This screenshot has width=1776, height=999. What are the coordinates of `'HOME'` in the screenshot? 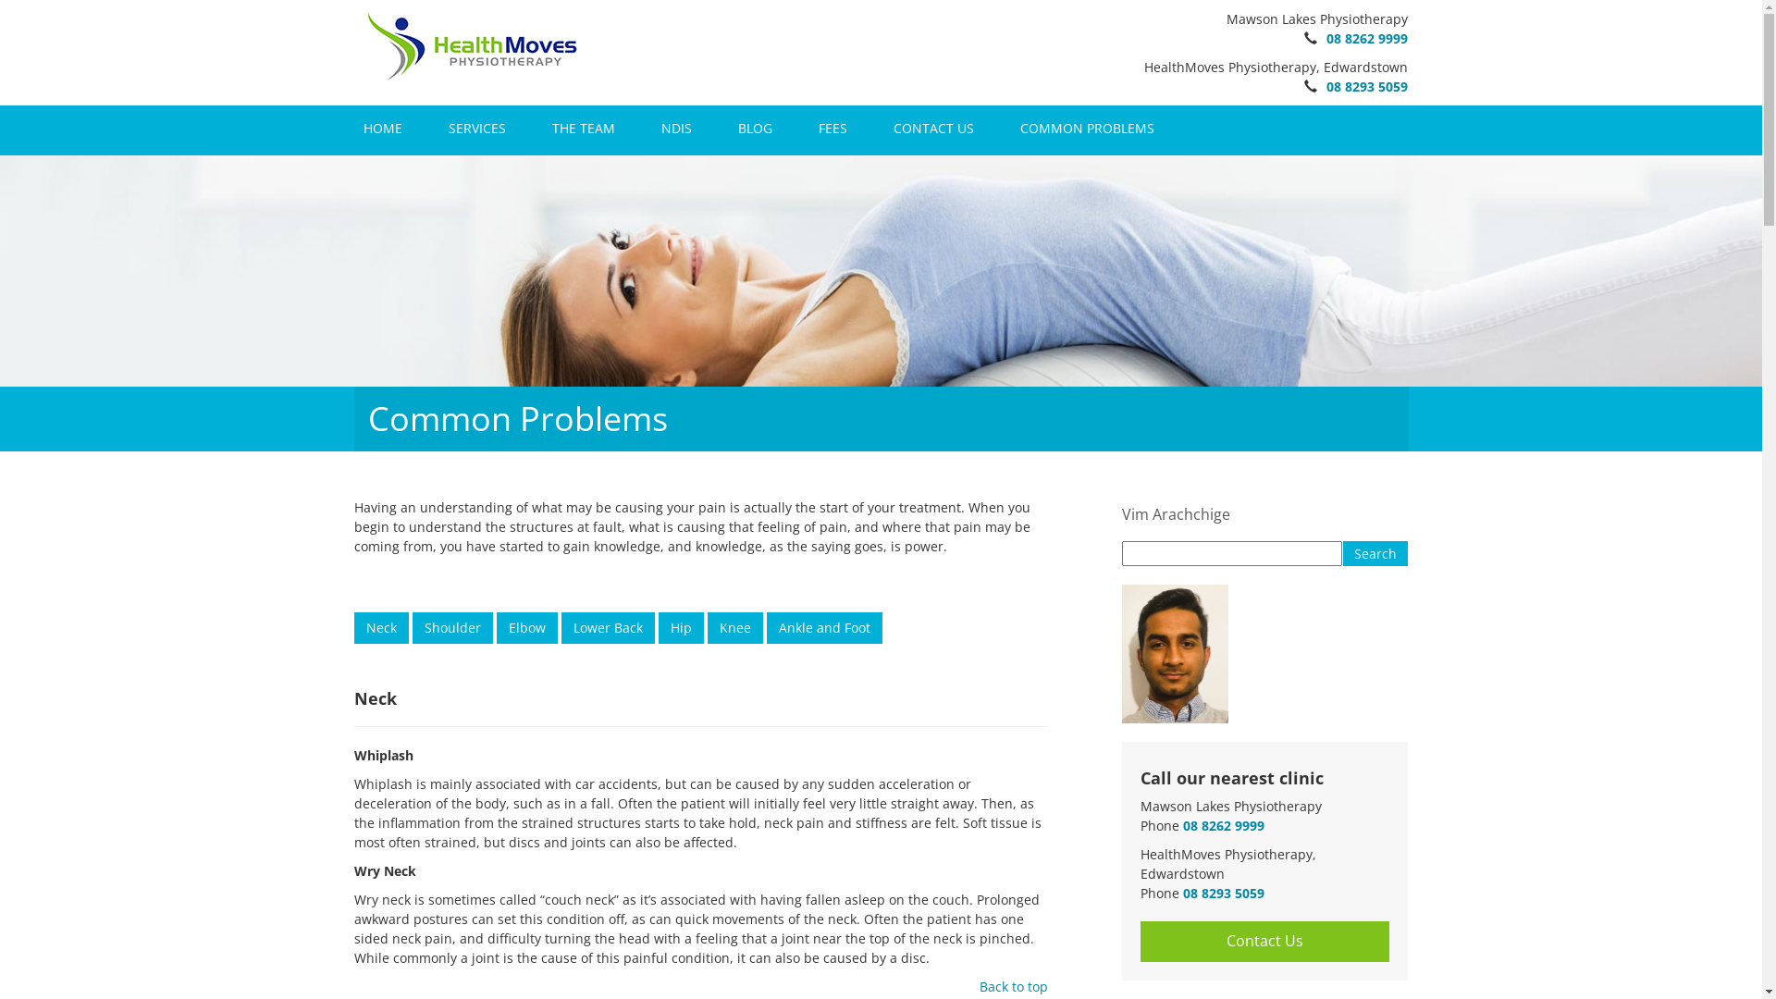 It's located at (353, 127).